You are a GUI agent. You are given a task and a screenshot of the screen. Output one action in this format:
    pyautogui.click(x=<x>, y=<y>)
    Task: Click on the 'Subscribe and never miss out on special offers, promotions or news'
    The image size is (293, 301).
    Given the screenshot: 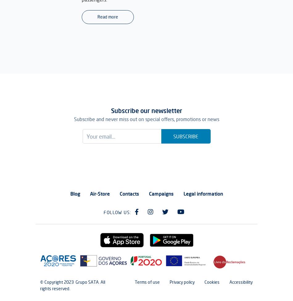 What is the action you would take?
    pyautogui.click(x=146, y=119)
    